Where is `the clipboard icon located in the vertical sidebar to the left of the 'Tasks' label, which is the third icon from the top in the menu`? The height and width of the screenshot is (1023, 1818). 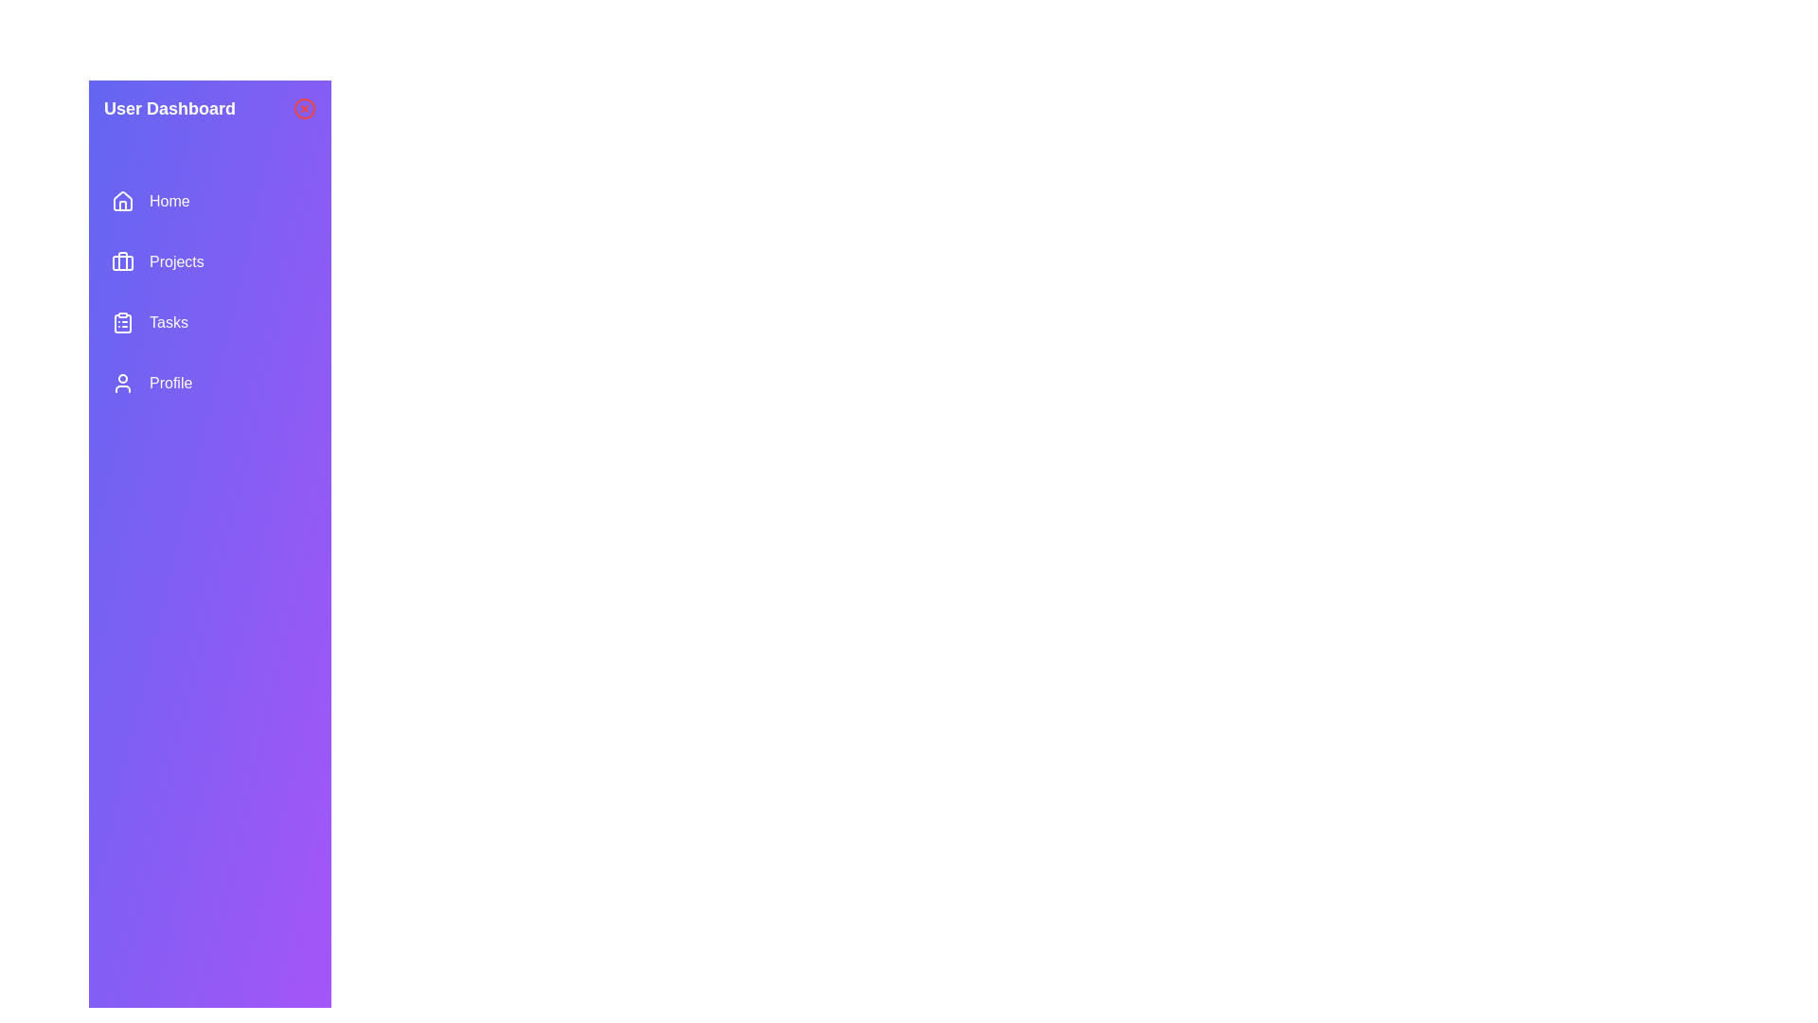
the clipboard icon located in the vertical sidebar to the left of the 'Tasks' label, which is the third icon from the top in the menu is located at coordinates (121, 323).